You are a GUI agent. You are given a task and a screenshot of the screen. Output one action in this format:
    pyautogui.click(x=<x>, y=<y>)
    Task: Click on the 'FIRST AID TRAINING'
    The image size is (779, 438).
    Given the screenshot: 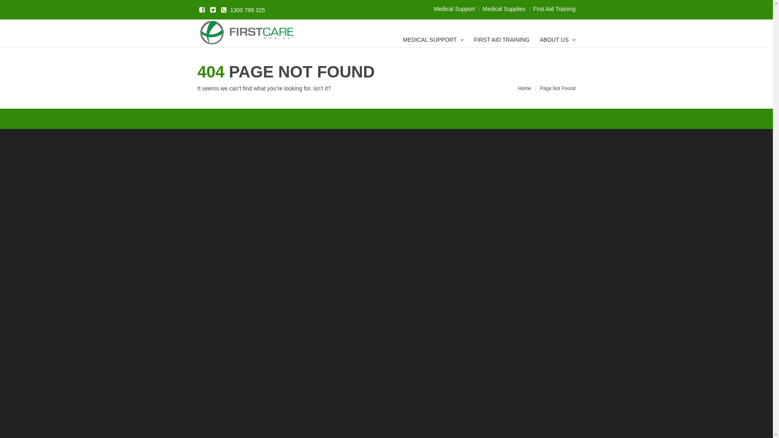 What is the action you would take?
    pyautogui.click(x=501, y=40)
    